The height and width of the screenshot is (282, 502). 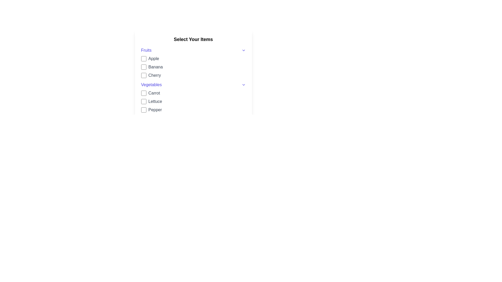 What do you see at coordinates (144, 93) in the screenshot?
I see `the first checkbox under the 'Vegetables' category` at bounding box center [144, 93].